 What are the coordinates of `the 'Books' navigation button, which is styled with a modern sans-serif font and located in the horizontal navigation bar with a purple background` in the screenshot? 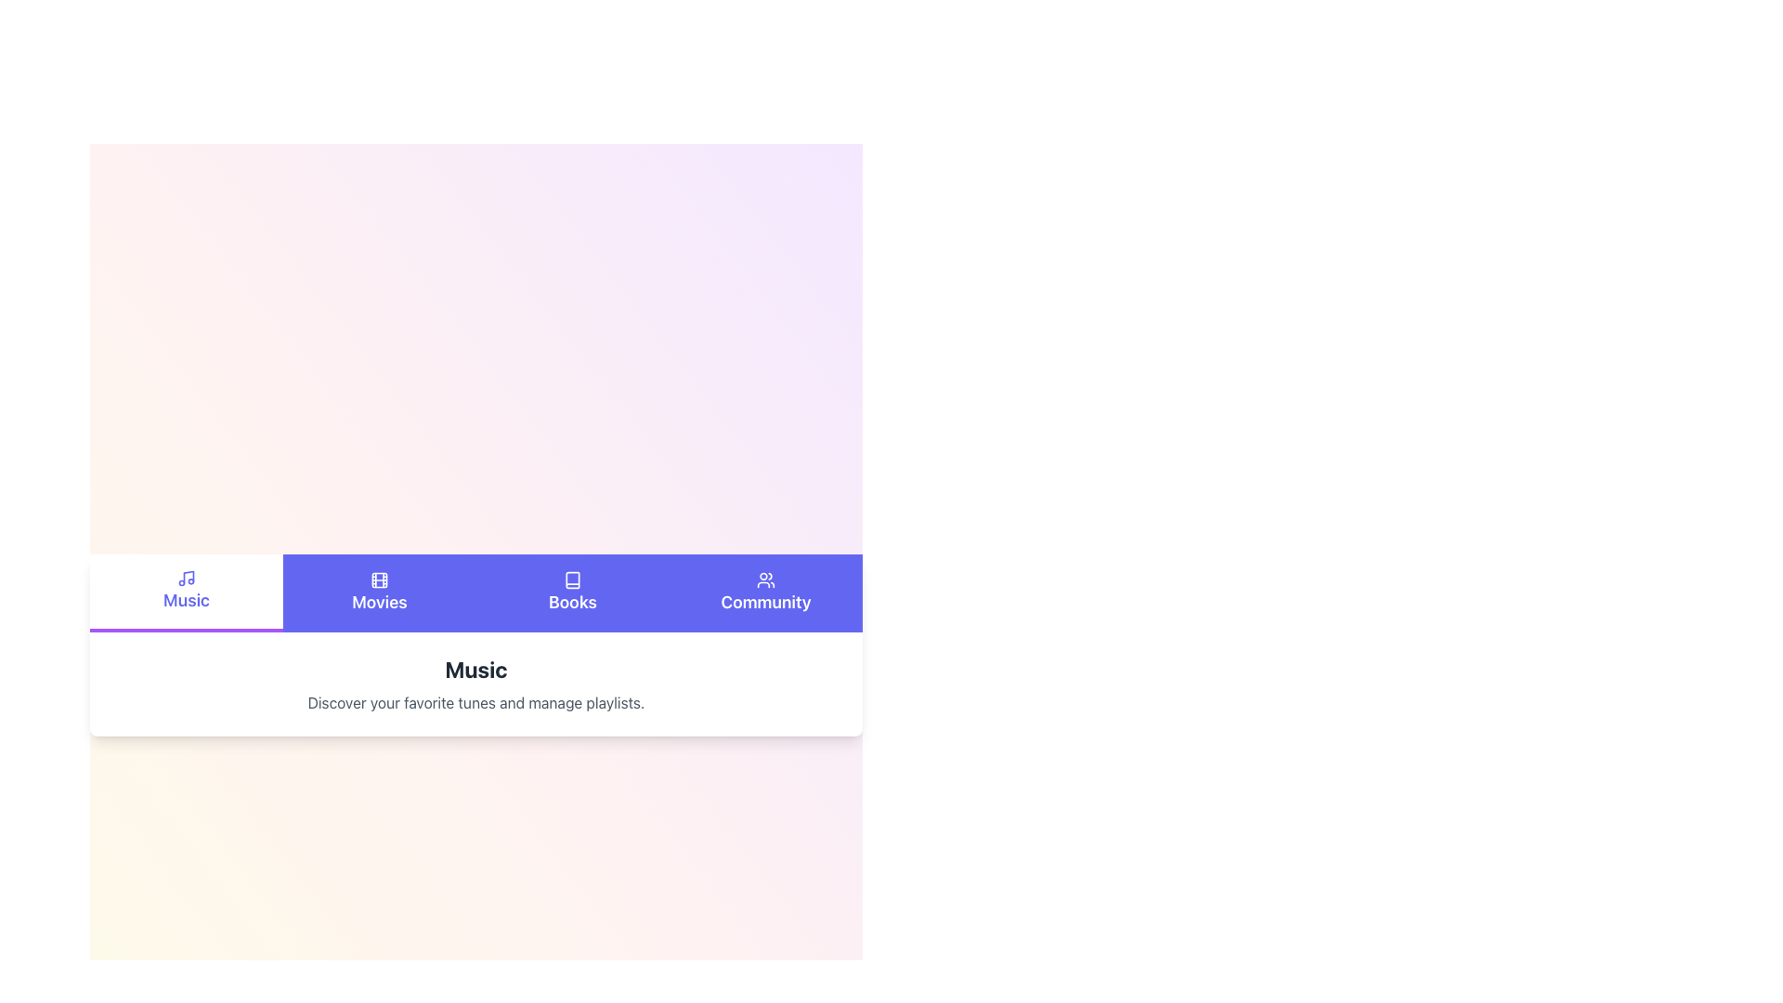 It's located at (572, 593).